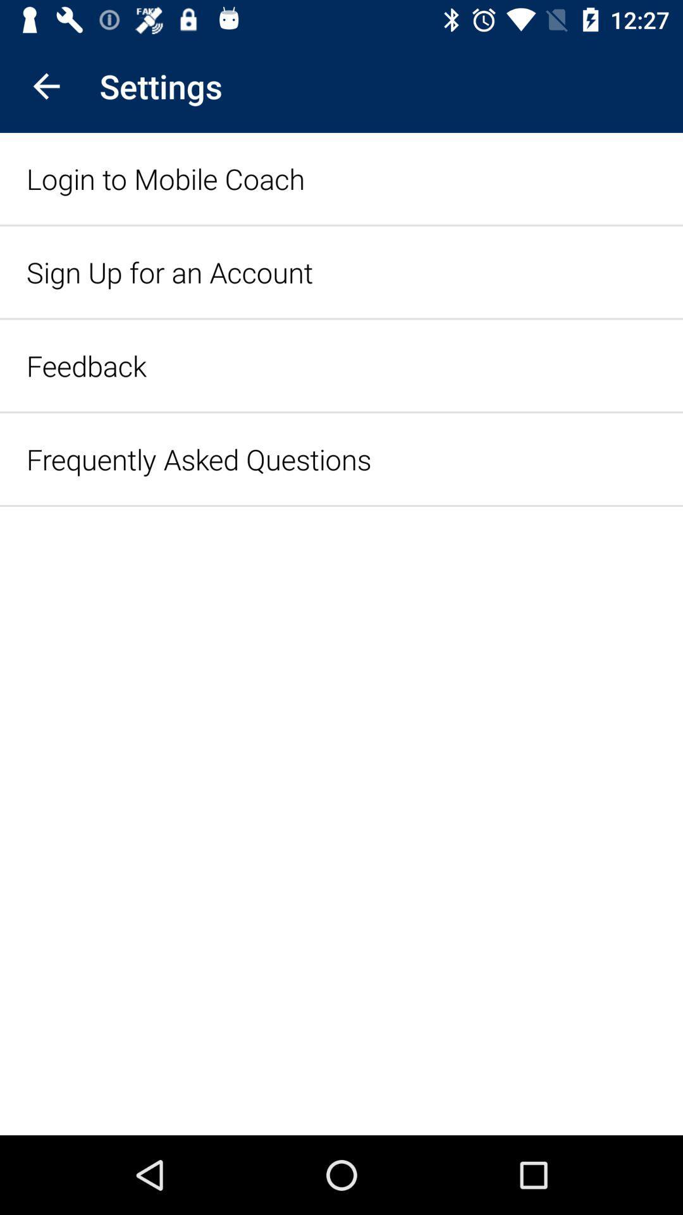  Describe the element at coordinates (46, 85) in the screenshot. I see `item to the left of settings icon` at that location.